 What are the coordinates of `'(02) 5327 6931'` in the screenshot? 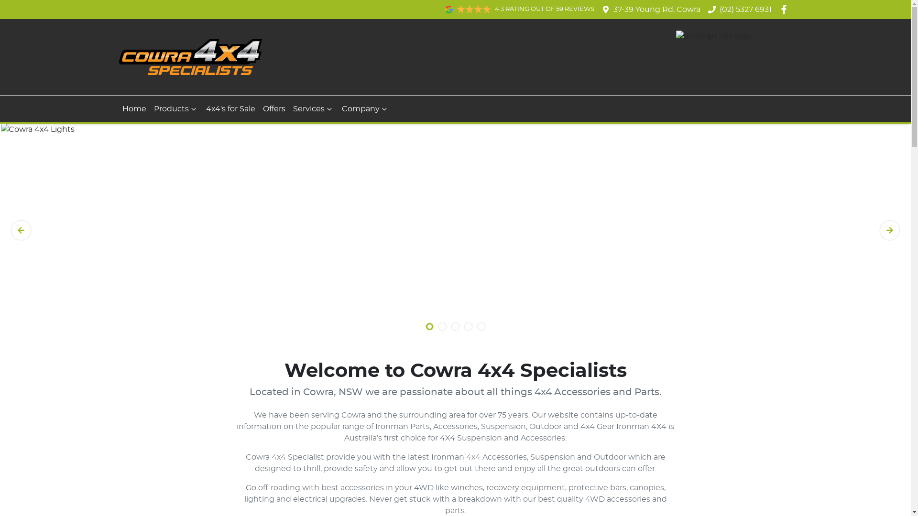 It's located at (745, 9).